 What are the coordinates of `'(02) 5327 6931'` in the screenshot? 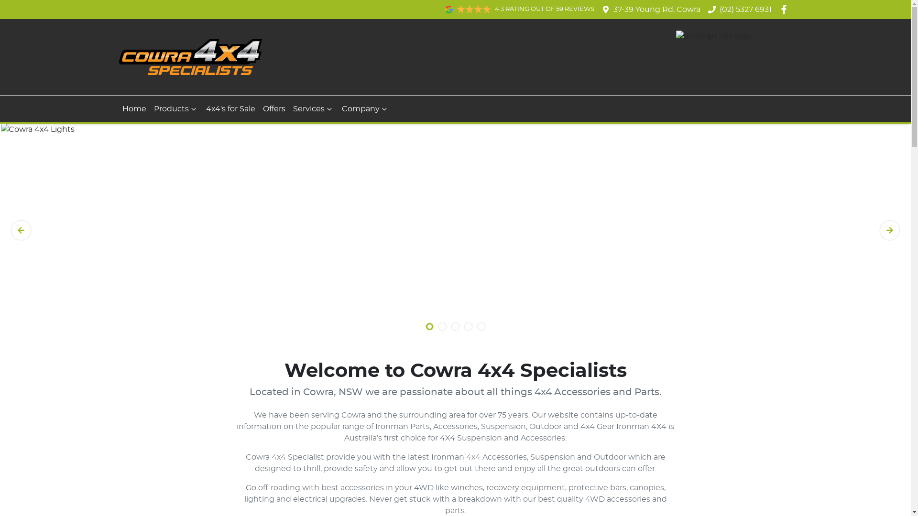 It's located at (745, 9).